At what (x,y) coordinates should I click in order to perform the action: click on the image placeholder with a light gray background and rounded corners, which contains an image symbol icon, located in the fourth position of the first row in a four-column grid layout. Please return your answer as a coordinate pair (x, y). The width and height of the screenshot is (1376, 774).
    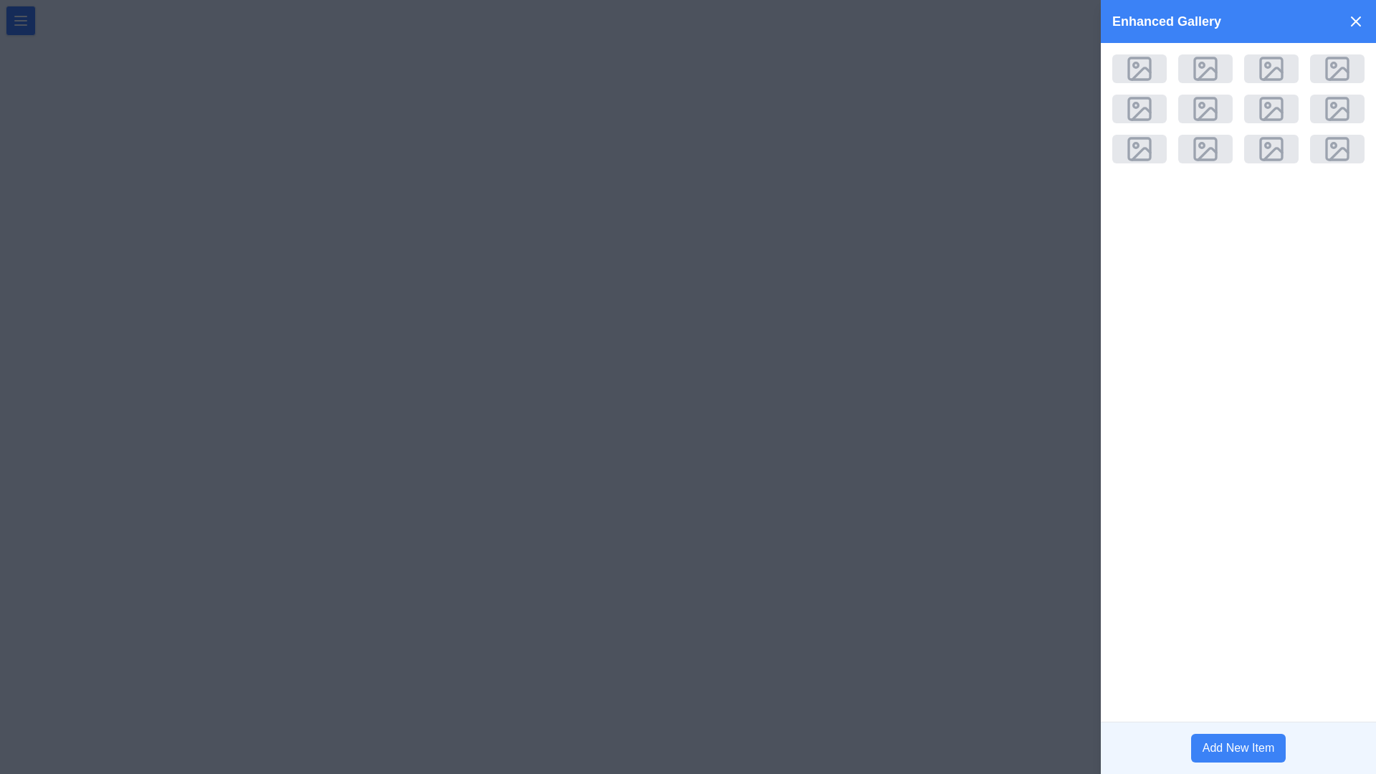
    Looking at the image, I should click on (1271, 69).